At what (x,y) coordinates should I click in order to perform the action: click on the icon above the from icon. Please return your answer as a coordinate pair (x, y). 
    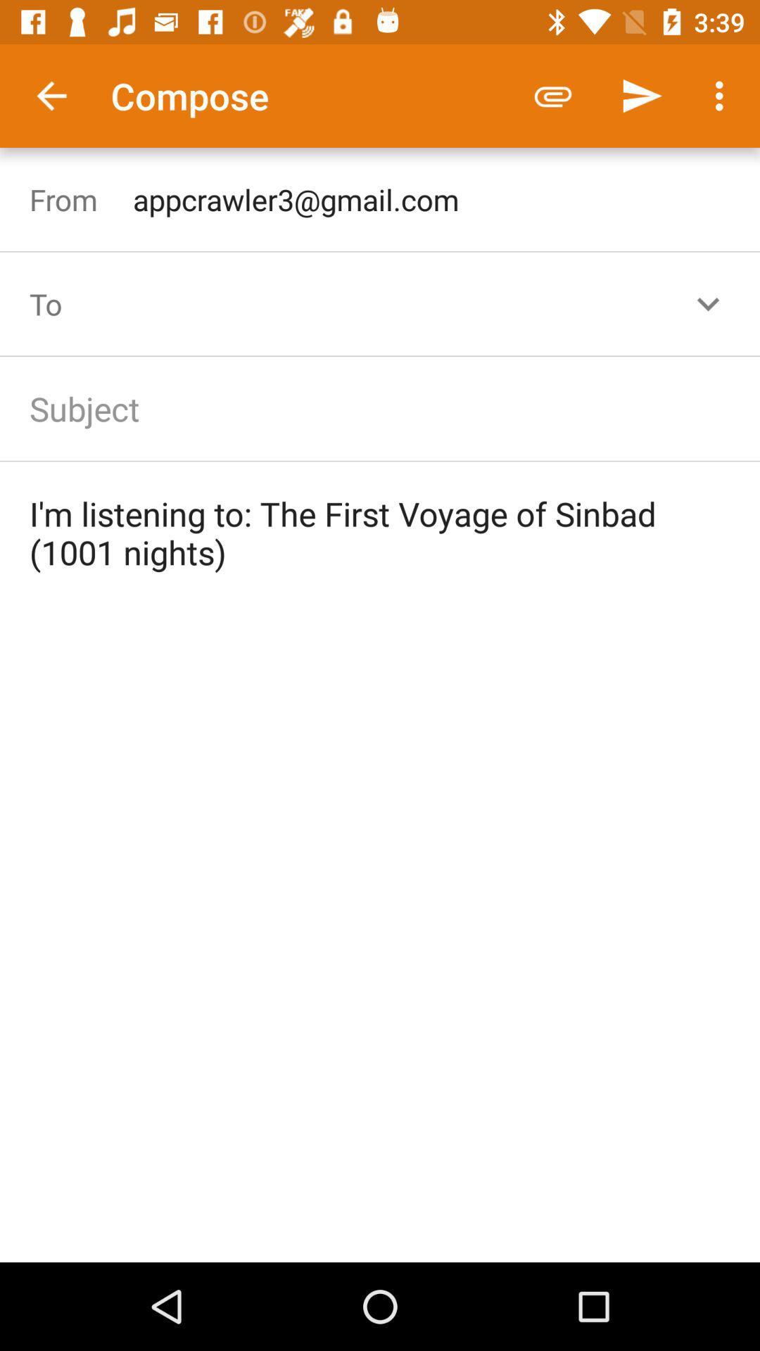
    Looking at the image, I should click on (51, 95).